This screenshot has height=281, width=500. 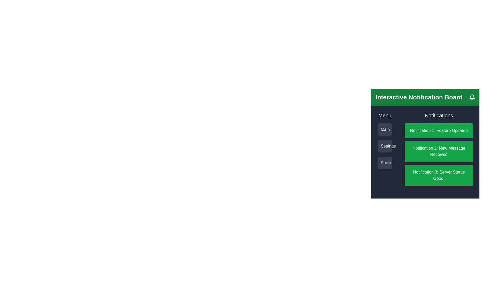 I want to click on the Header bar of the notification dashboard interface, which serves as the title indicating the current section, so click(x=425, y=97).